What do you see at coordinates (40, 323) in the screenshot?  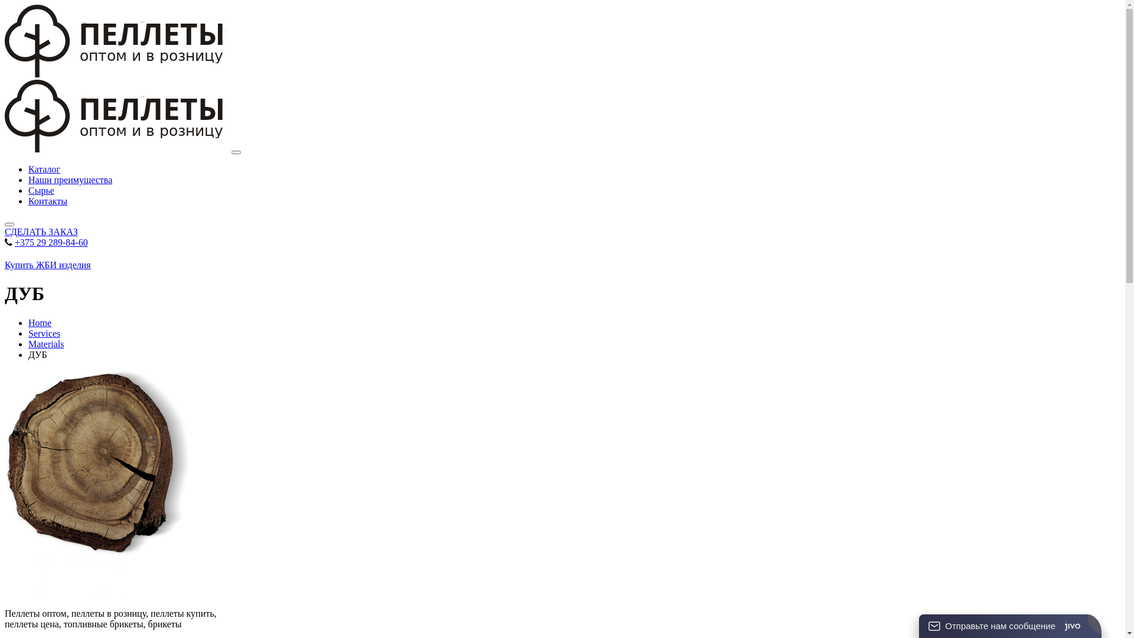 I see `'Home'` at bounding box center [40, 323].